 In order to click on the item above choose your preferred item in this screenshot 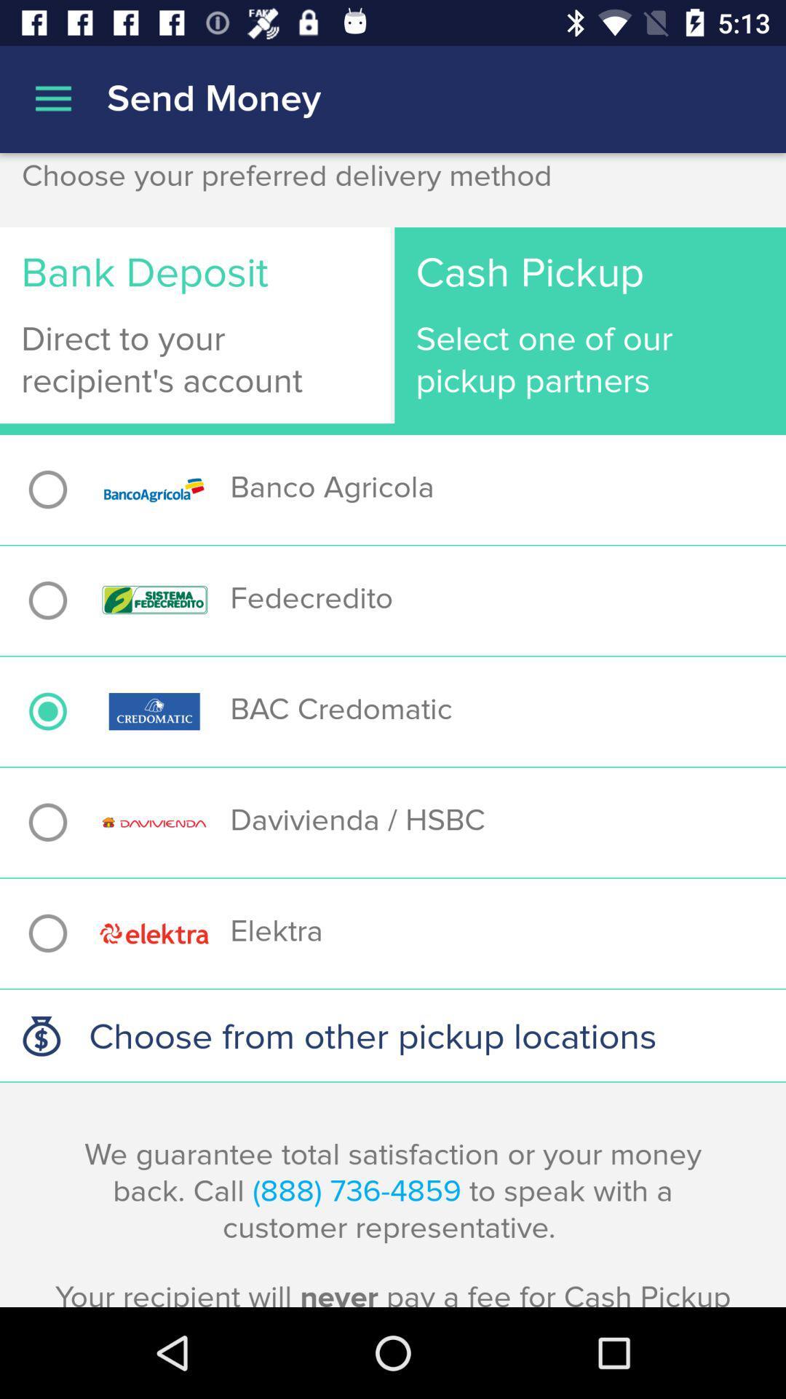, I will do `click(52, 98)`.